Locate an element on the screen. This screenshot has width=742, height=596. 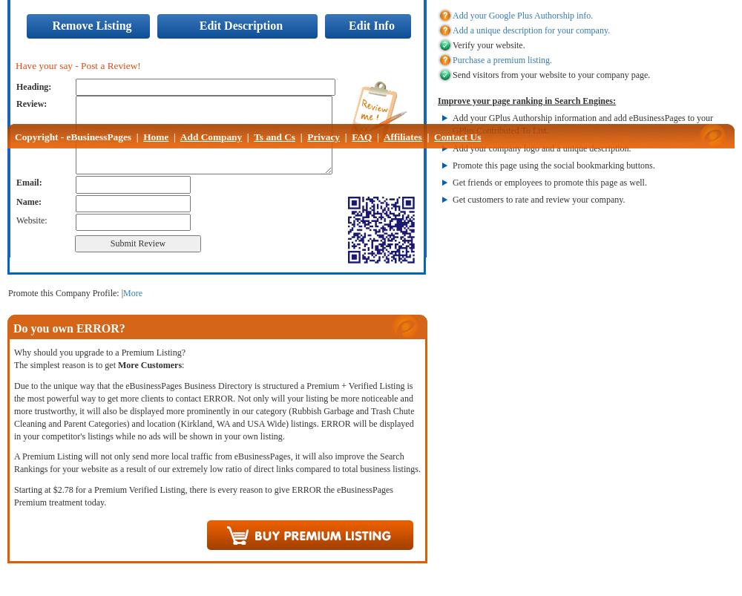
'Due to the unique way that the eBusinessPages Business Directory is structured a Premium + Verified Listing is the most powerful way to get more clients to contact ERROR. Not only will your listing be more noticeable and more trustworthy, it will also be displayed more prominently in our category (Rubbish Garbage and Trash Chute Cleaning and Parent Categories) and location (Kirkland, WA and USA Wide) listings. ERROR will be displayed in your competitor's listings while no ads will be shown in your own listing.' is located at coordinates (214, 410).